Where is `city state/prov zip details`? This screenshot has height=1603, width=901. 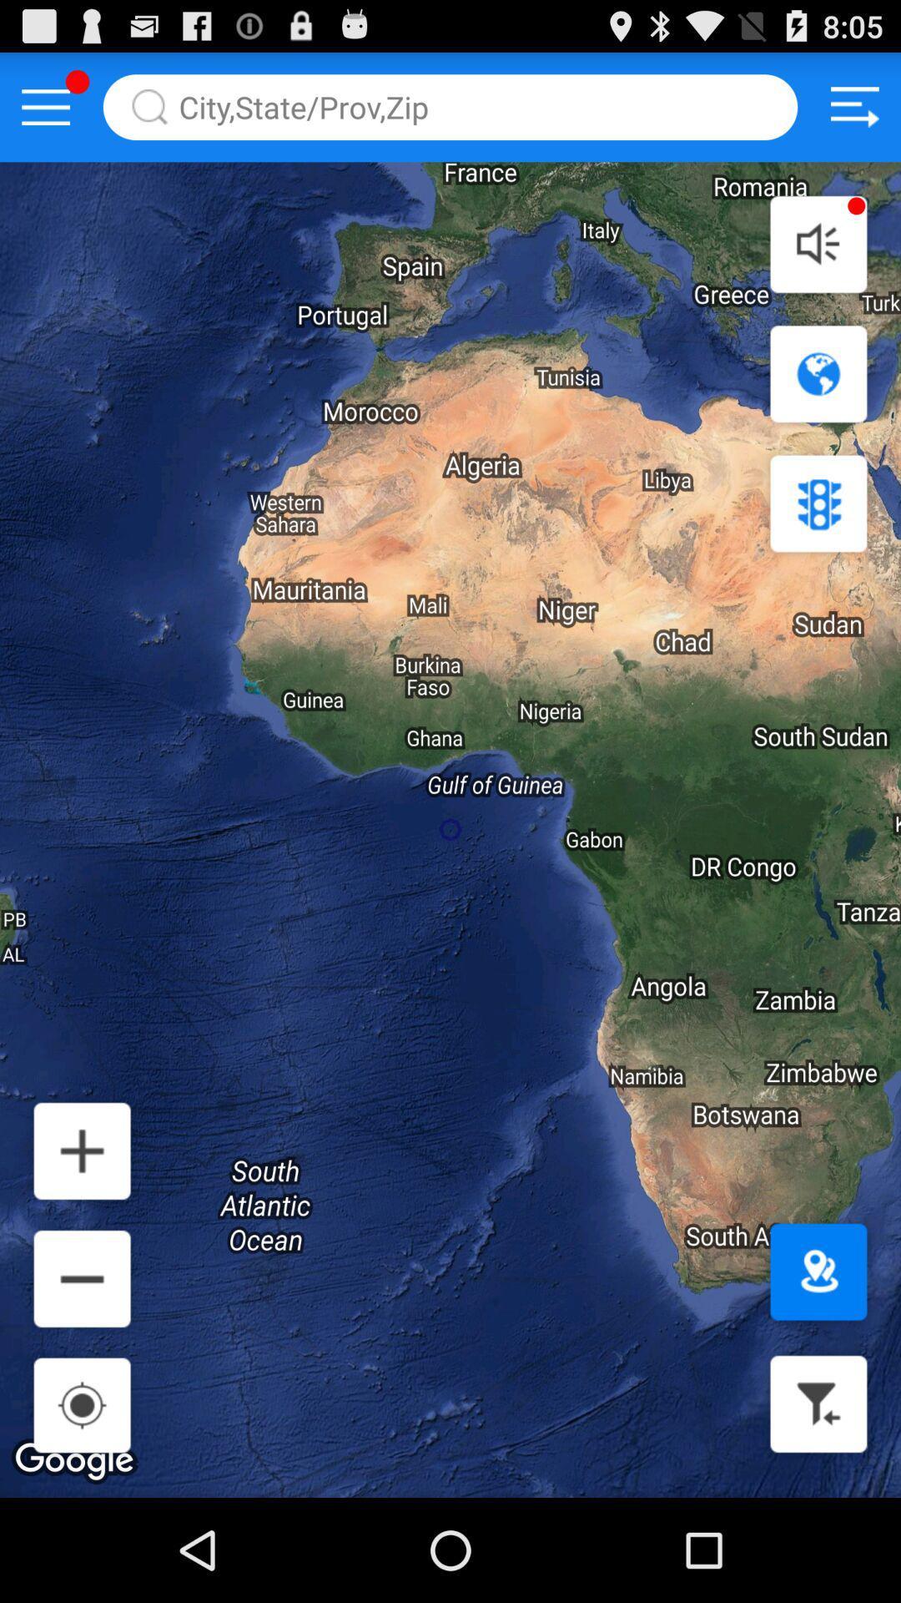 city state/prov zip details is located at coordinates (450, 106).